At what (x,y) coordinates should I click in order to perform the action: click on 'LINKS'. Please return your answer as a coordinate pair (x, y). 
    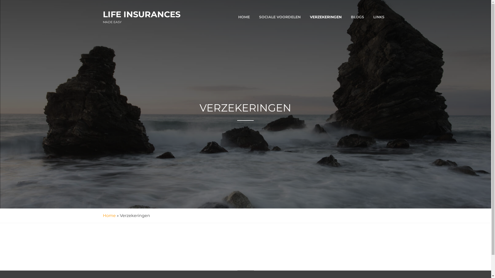
    Looking at the image, I should click on (379, 17).